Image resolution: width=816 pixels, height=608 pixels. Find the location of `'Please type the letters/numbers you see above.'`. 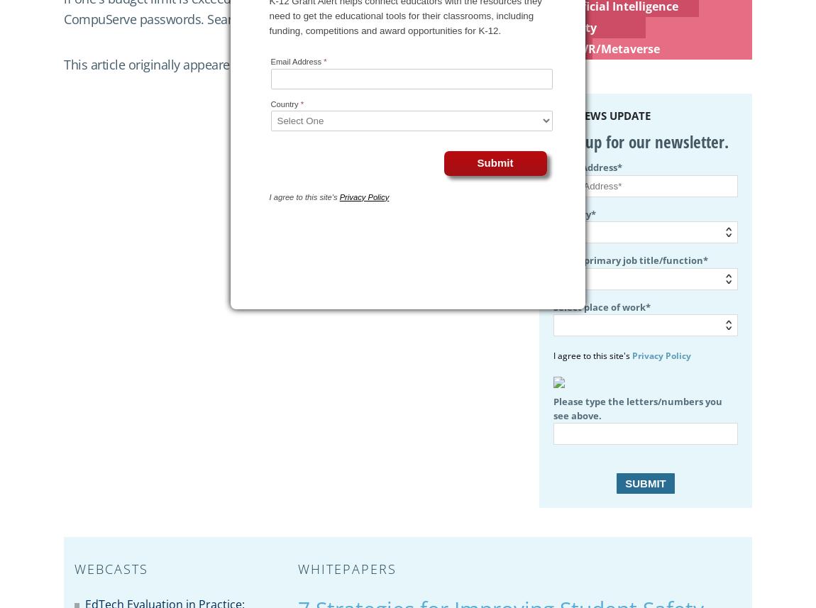

'Please type the letters/numbers you see above.' is located at coordinates (637, 408).